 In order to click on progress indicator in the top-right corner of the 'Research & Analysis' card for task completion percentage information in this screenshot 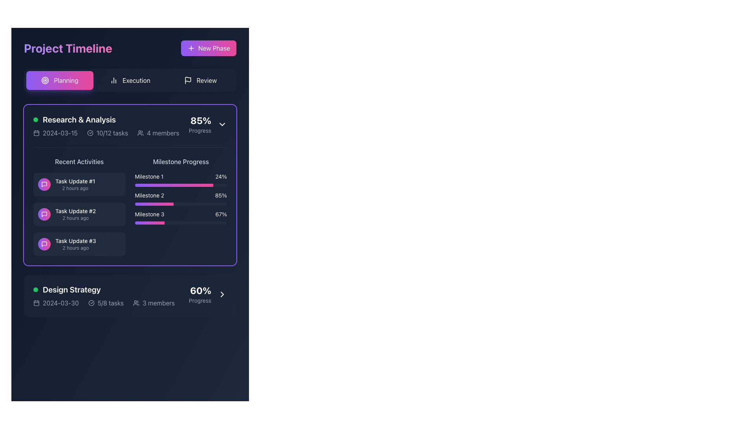, I will do `click(208, 124)`.